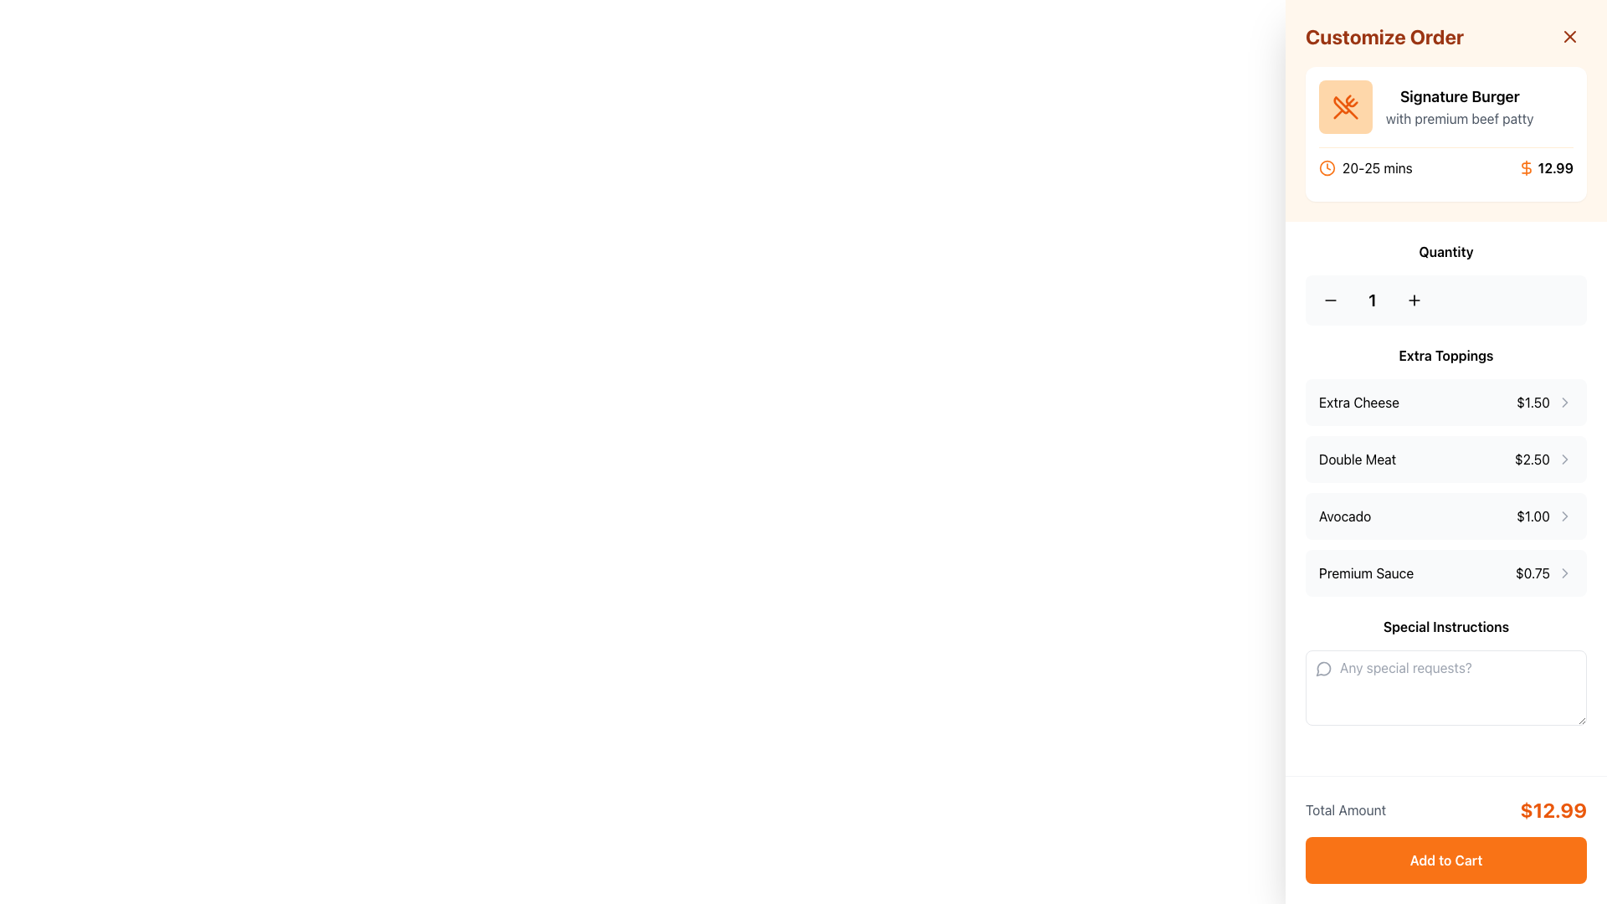  I want to click on the circular minus button located to the left of the quantity value in the 'Quantity' section to change its background, so click(1329, 299).